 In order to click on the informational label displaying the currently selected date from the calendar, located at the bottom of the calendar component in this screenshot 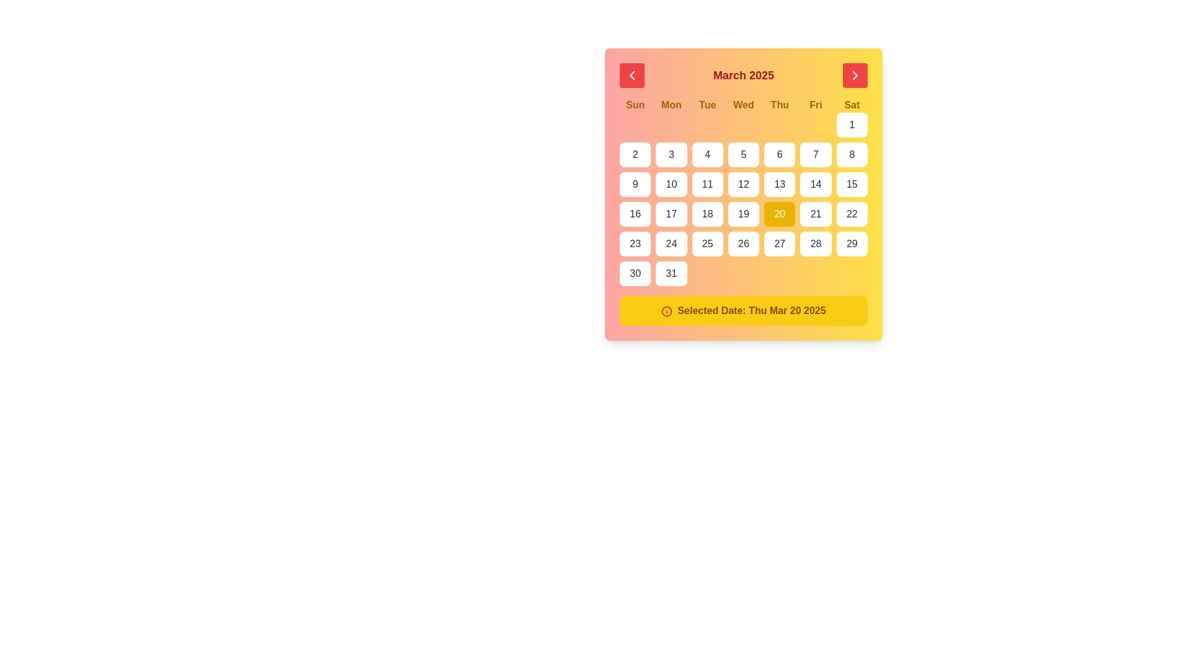, I will do `click(744, 310)`.